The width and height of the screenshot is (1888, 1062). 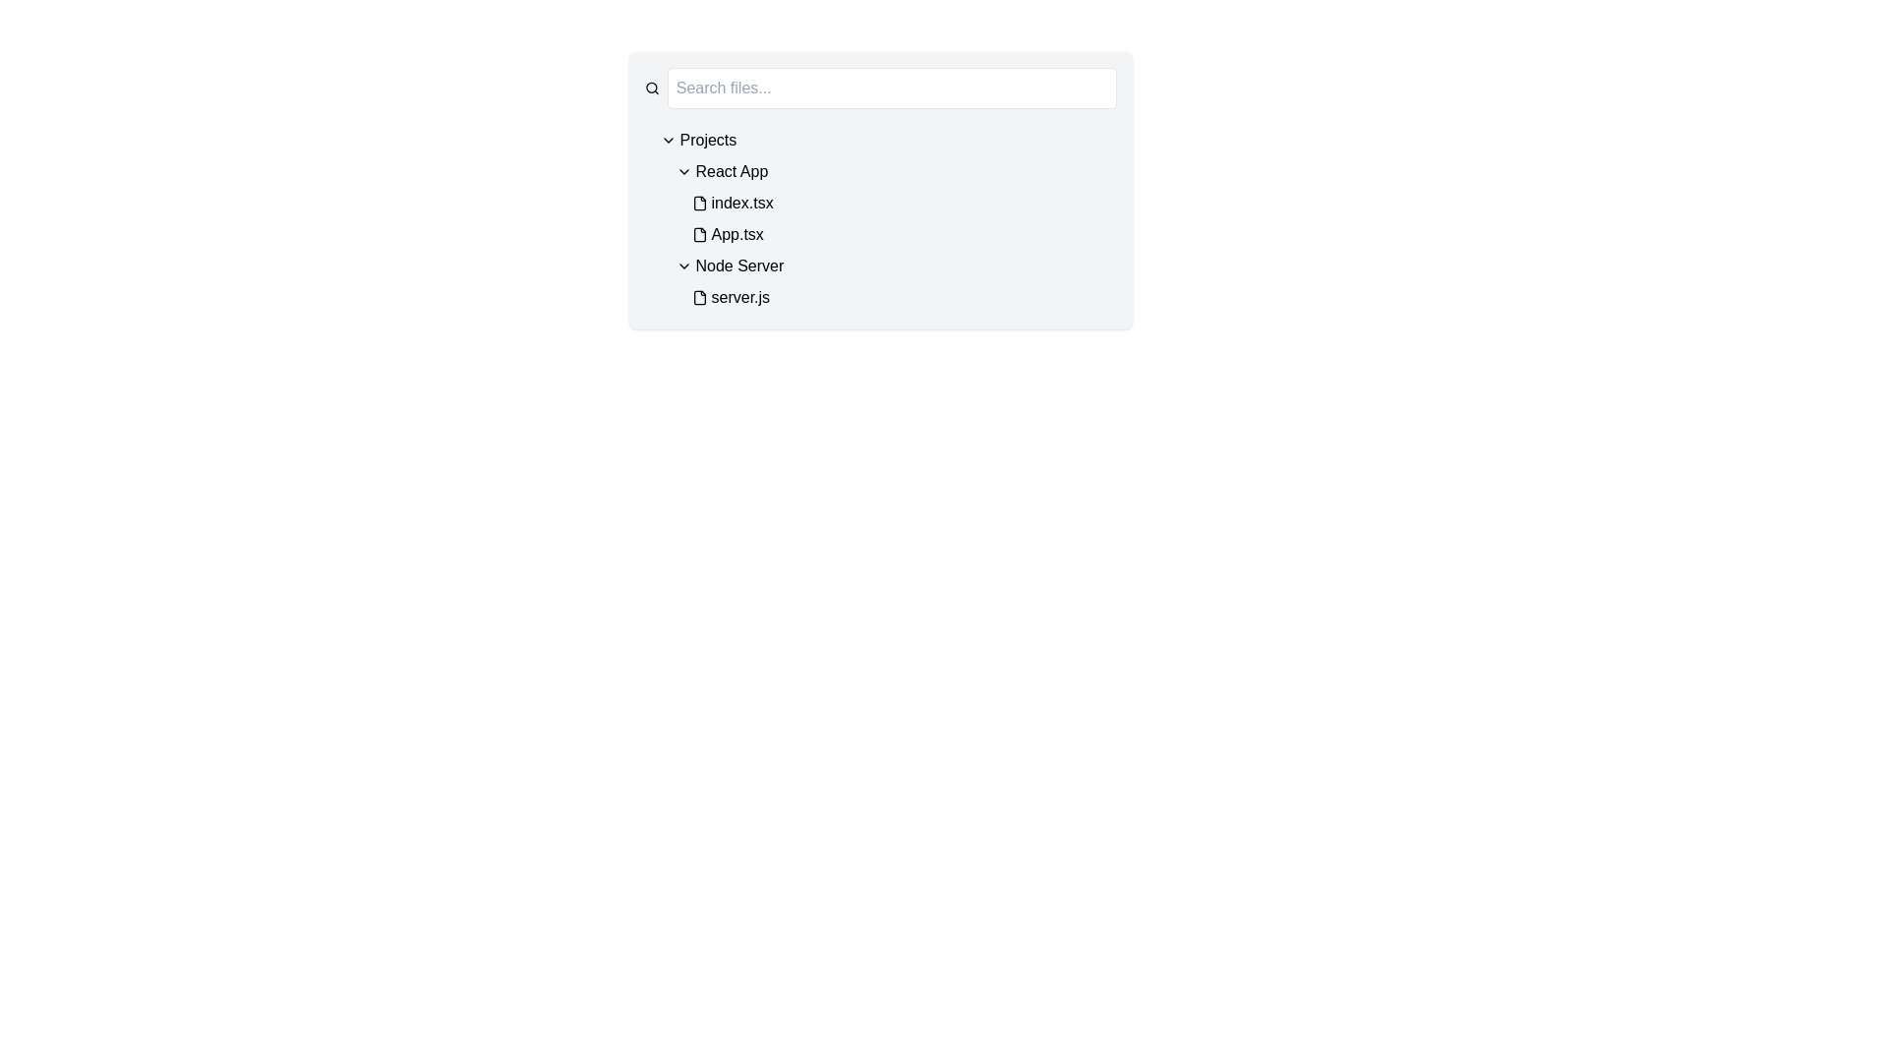 I want to click on the file icon located to the left of the text 'index.tsx', so click(x=699, y=204).